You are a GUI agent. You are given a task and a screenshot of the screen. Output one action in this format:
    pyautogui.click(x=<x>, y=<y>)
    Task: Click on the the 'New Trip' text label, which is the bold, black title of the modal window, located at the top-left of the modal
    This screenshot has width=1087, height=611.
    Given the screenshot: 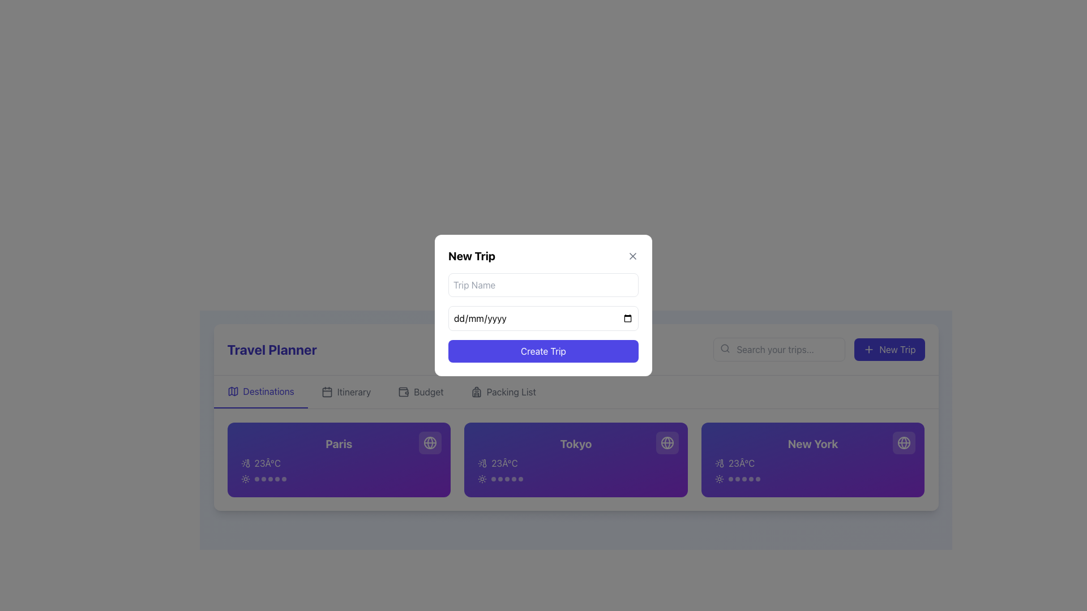 What is the action you would take?
    pyautogui.click(x=472, y=256)
    